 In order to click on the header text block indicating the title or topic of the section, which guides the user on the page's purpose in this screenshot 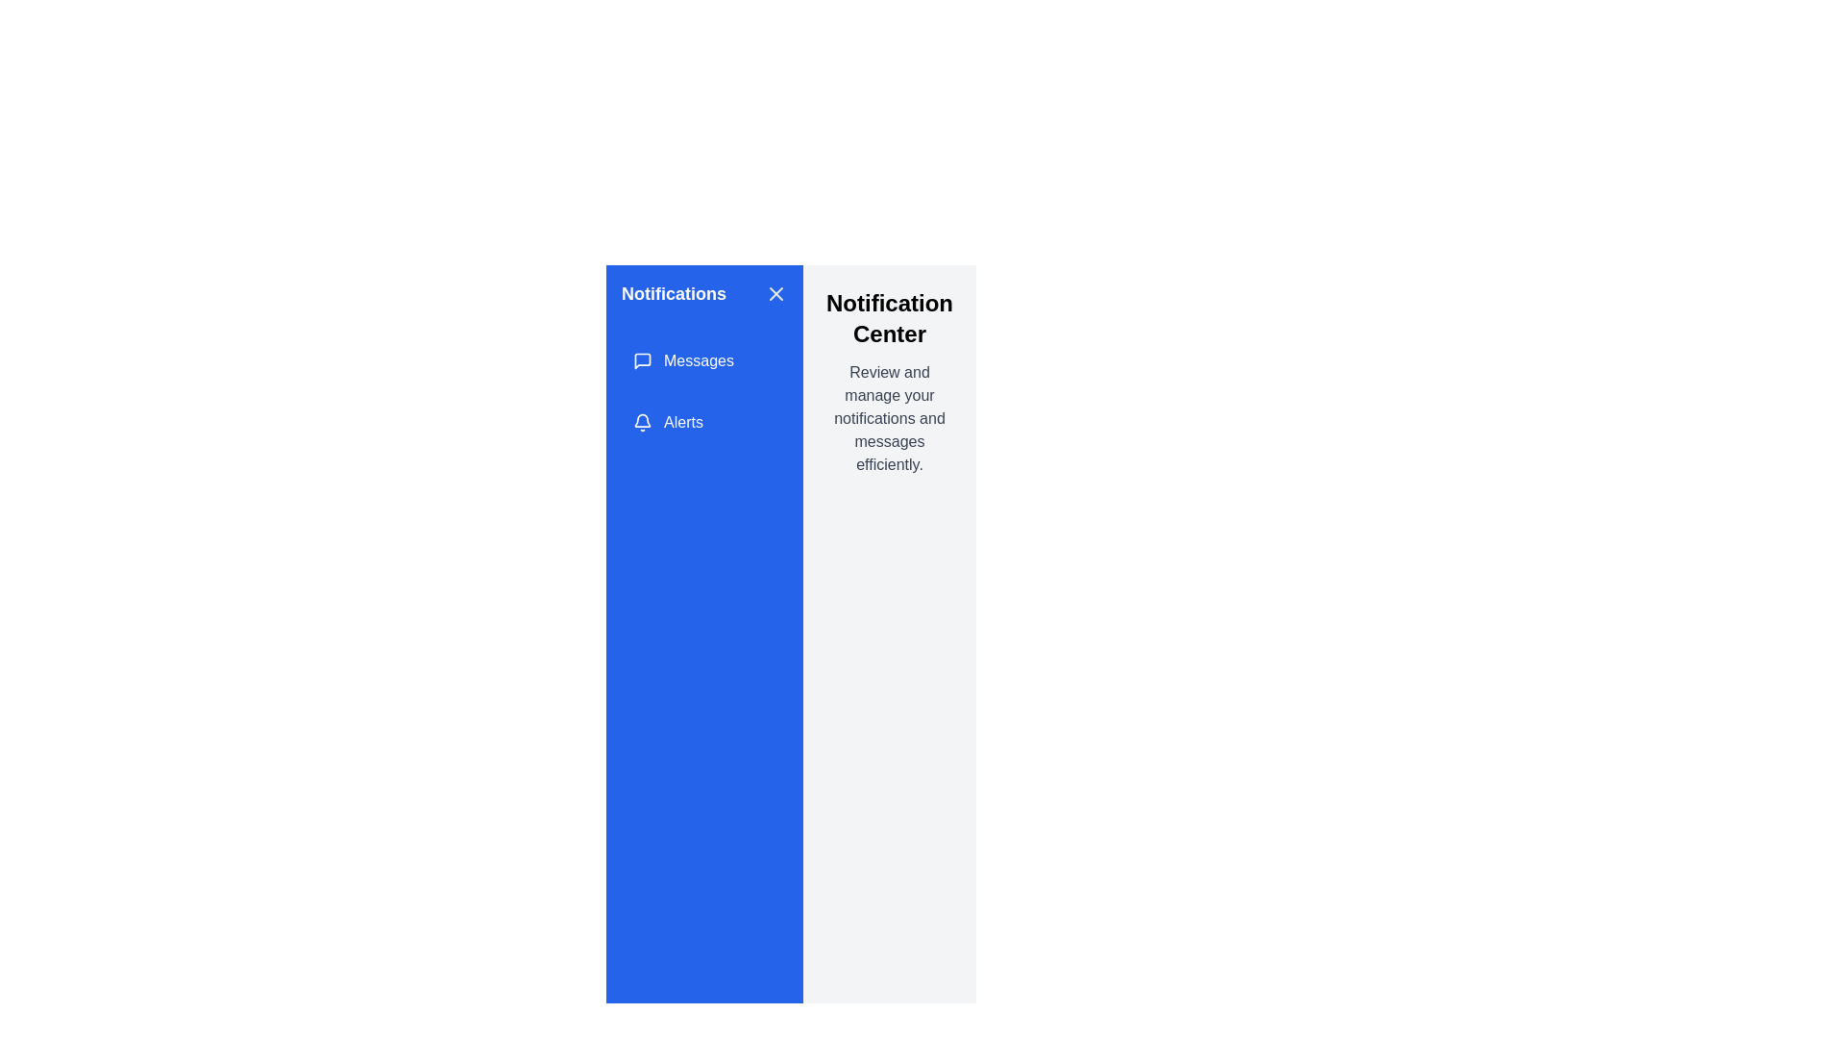, I will do `click(889, 317)`.